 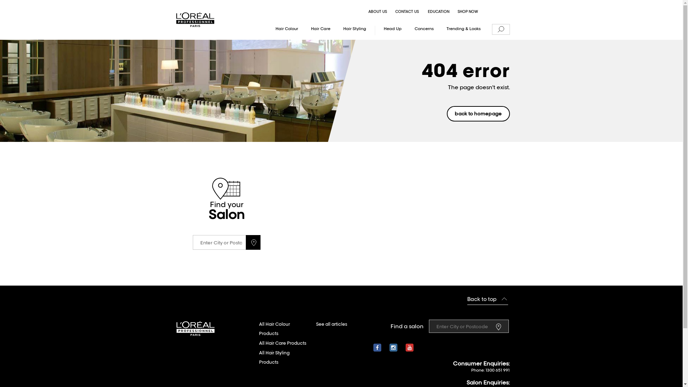 I want to click on 'Find a salon', so click(x=500, y=326).